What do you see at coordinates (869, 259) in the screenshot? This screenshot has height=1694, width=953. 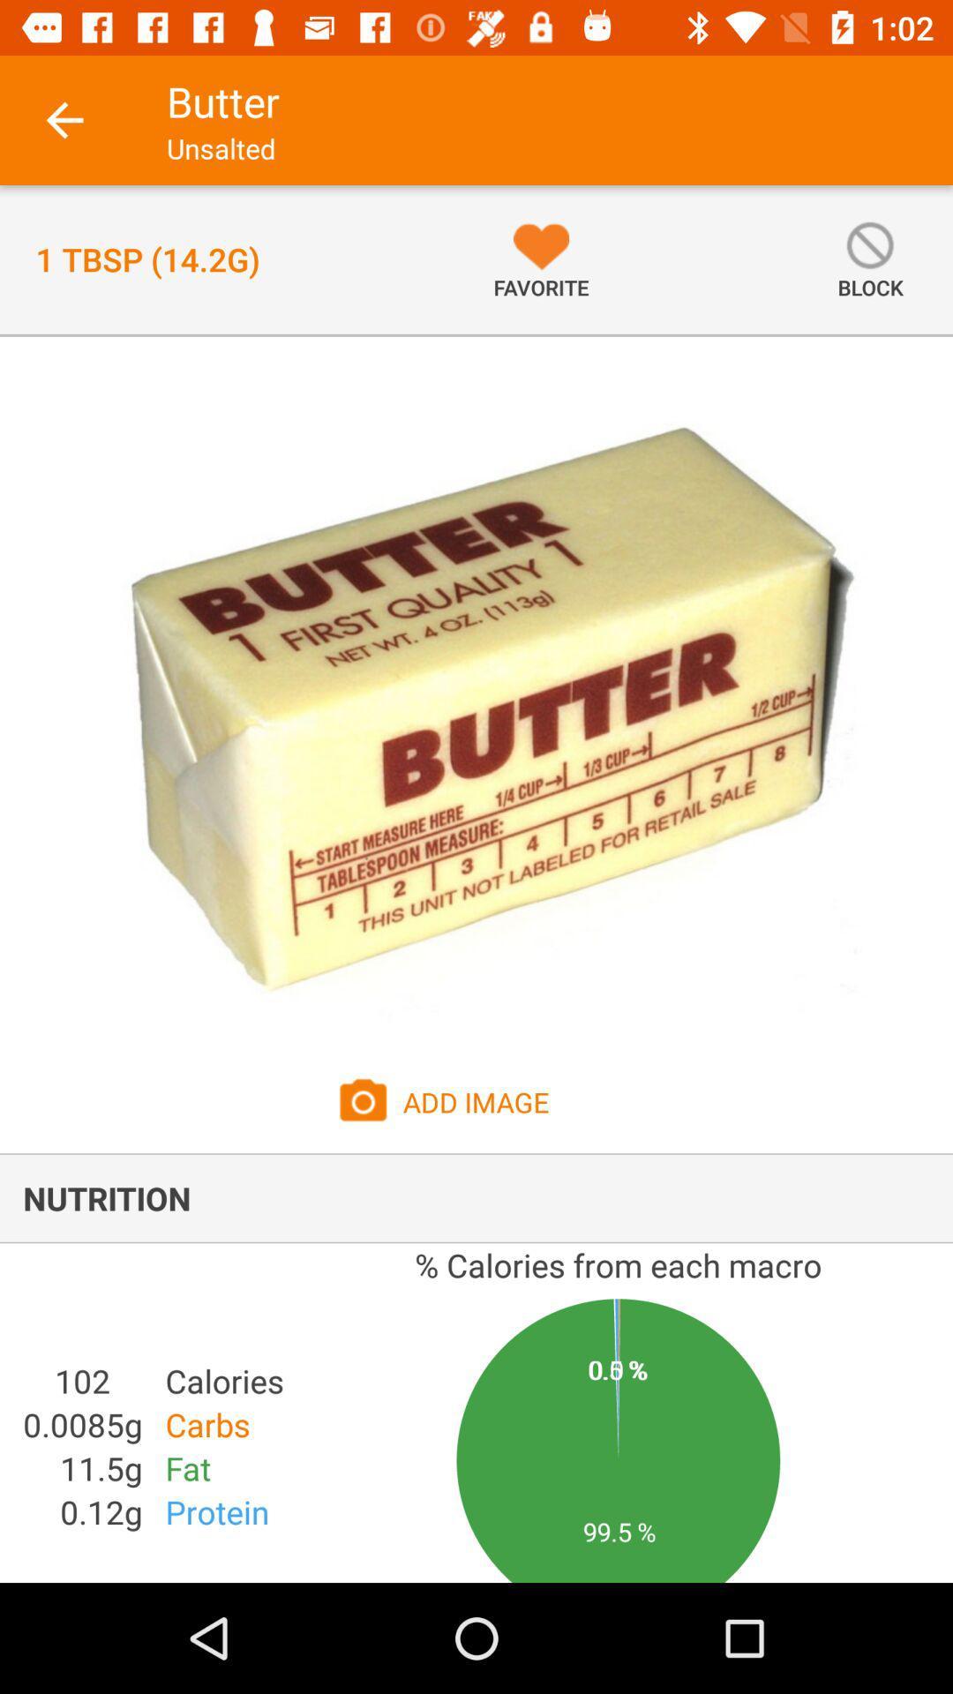 I see `the block item` at bounding box center [869, 259].